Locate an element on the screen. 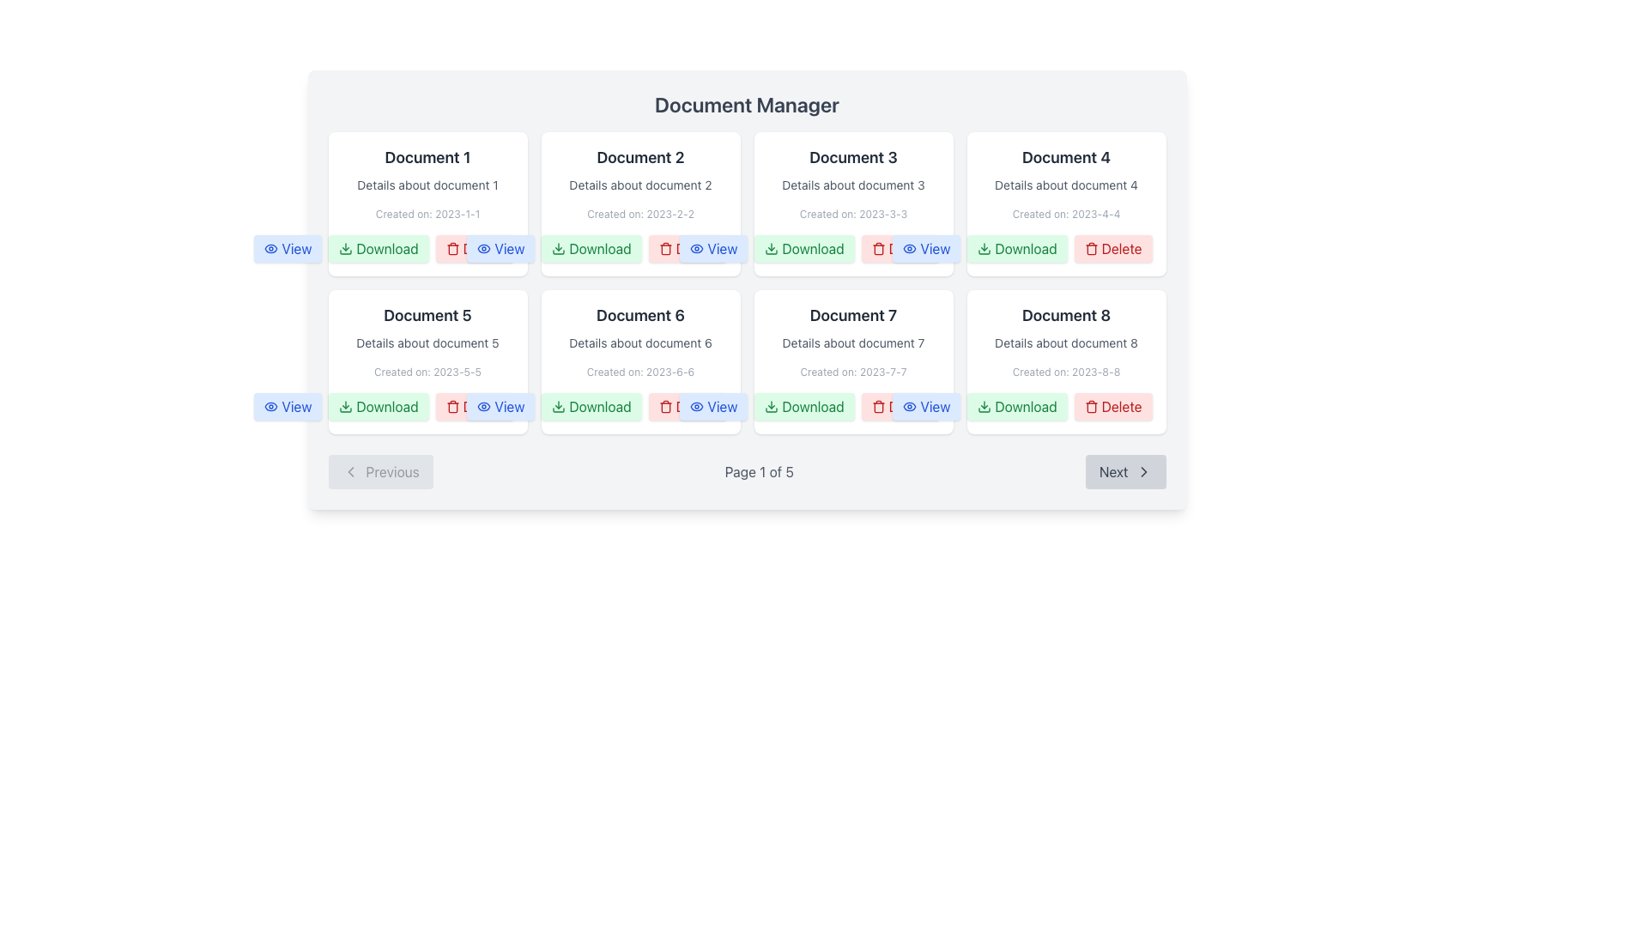  the 'Delete' button located in the actions section of the 'Document 6' card, positioned between the 'Download' and 'View' buttons is located at coordinates (688, 407).